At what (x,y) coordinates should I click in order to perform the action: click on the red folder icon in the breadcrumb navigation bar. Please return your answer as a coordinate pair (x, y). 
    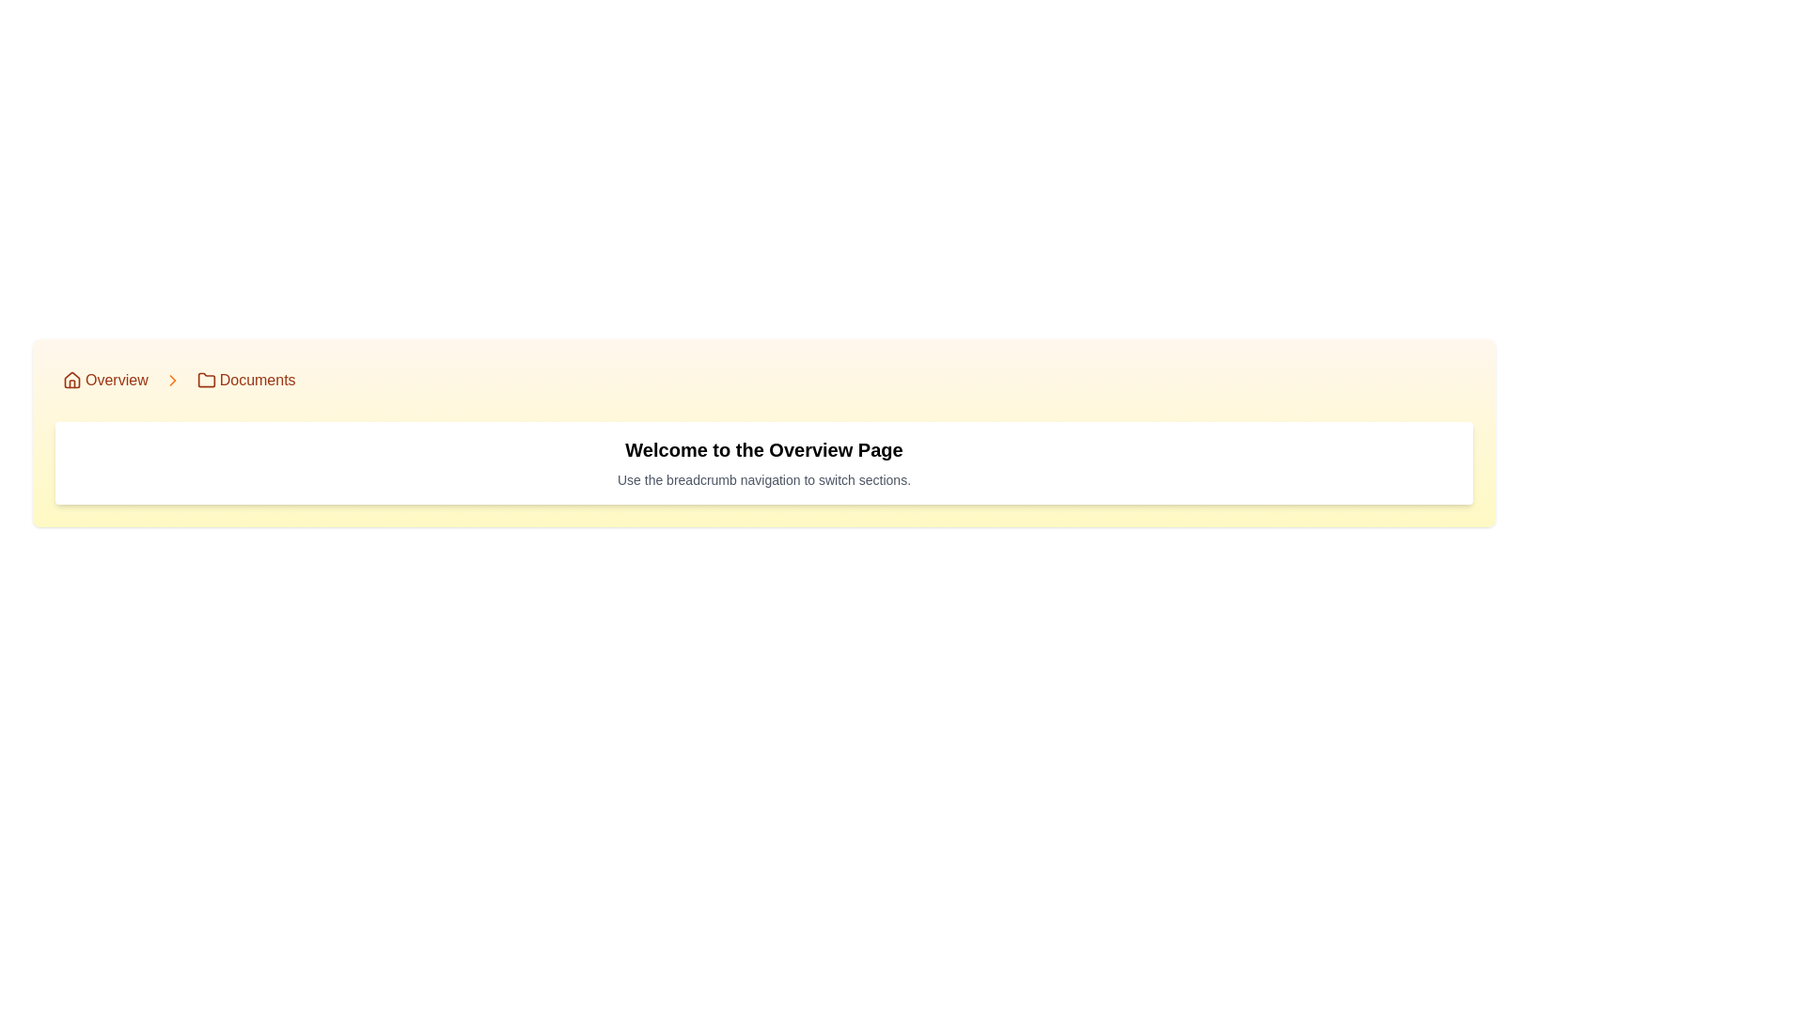
    Looking at the image, I should click on (206, 380).